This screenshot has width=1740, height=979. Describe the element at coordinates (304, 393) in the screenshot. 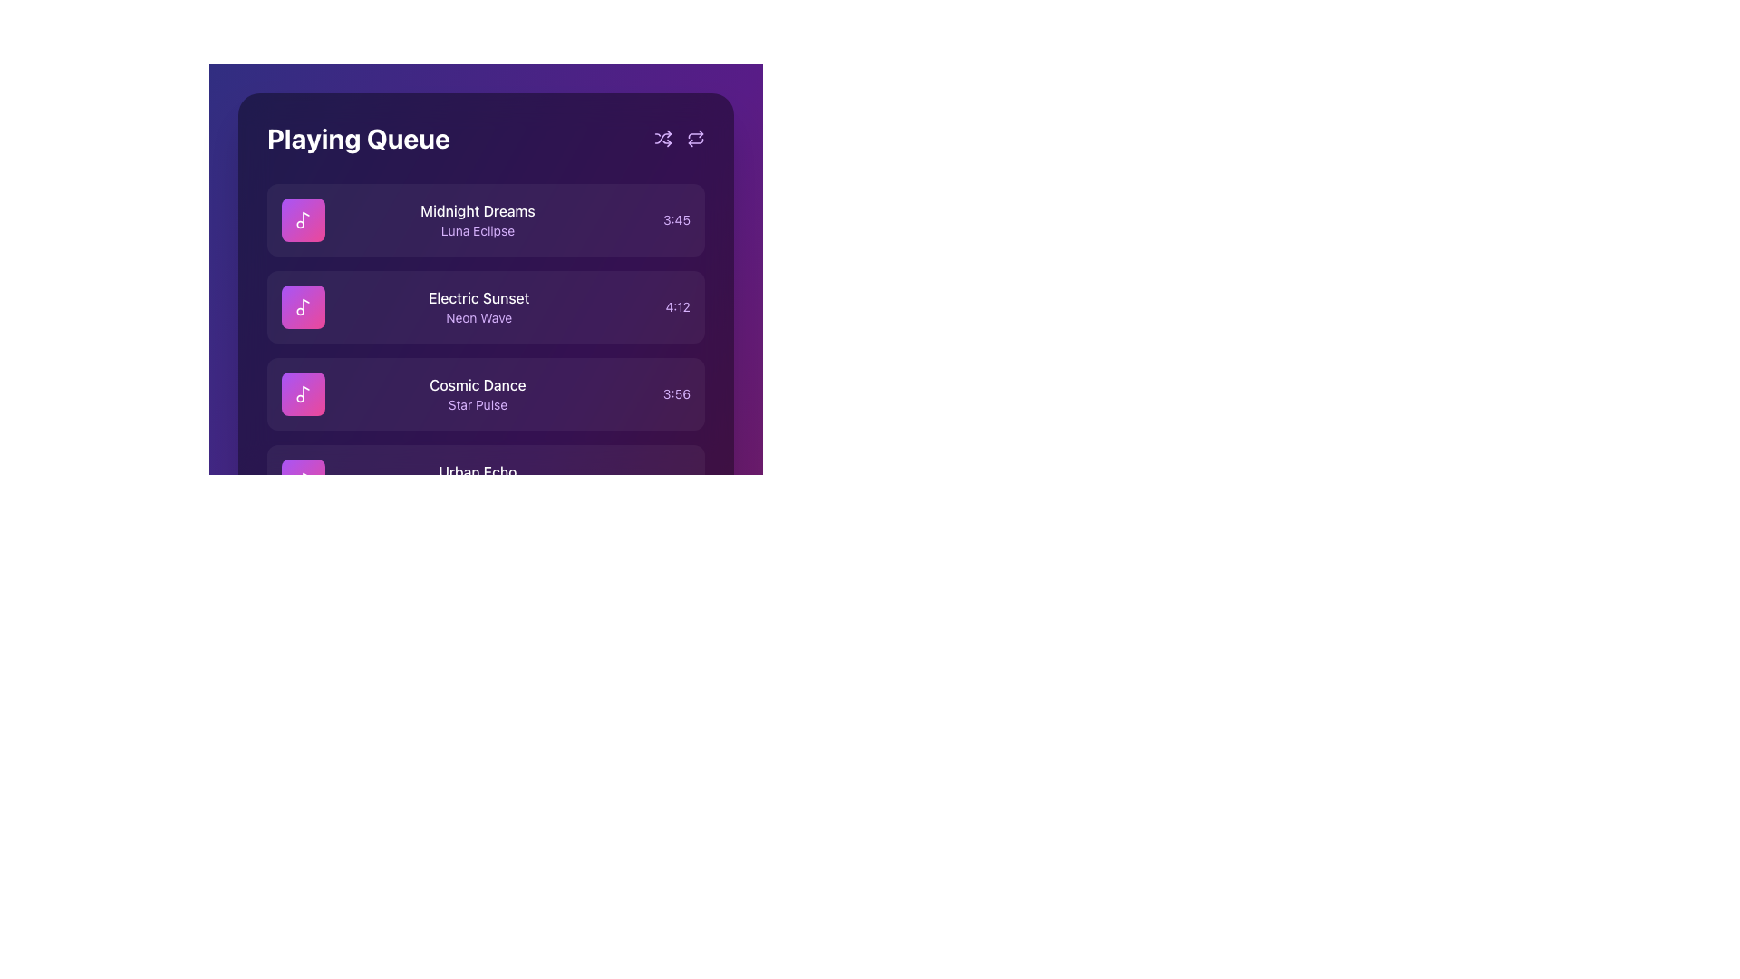

I see `the presence of the musical note icon located on the left side of the third item in the 'Playing Queue' list for the song 'Cosmic Dance' by 'Star Pulse'` at that location.